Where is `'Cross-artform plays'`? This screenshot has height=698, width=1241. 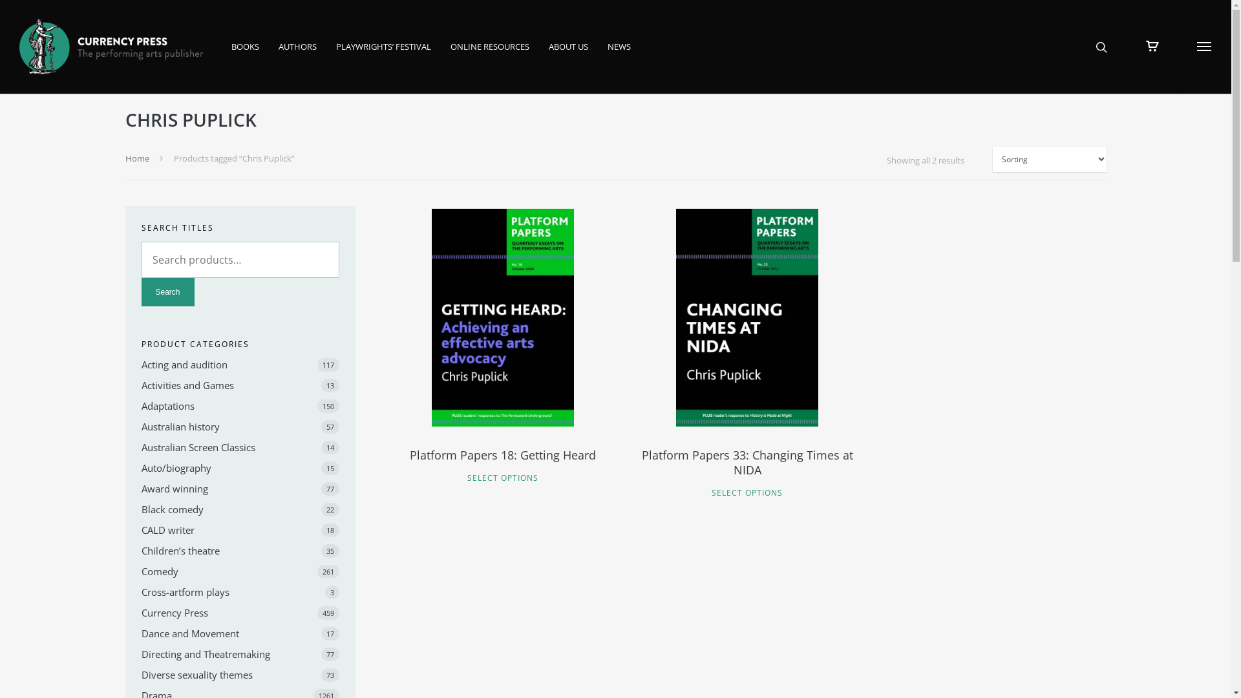 'Cross-artform plays' is located at coordinates (240, 591).